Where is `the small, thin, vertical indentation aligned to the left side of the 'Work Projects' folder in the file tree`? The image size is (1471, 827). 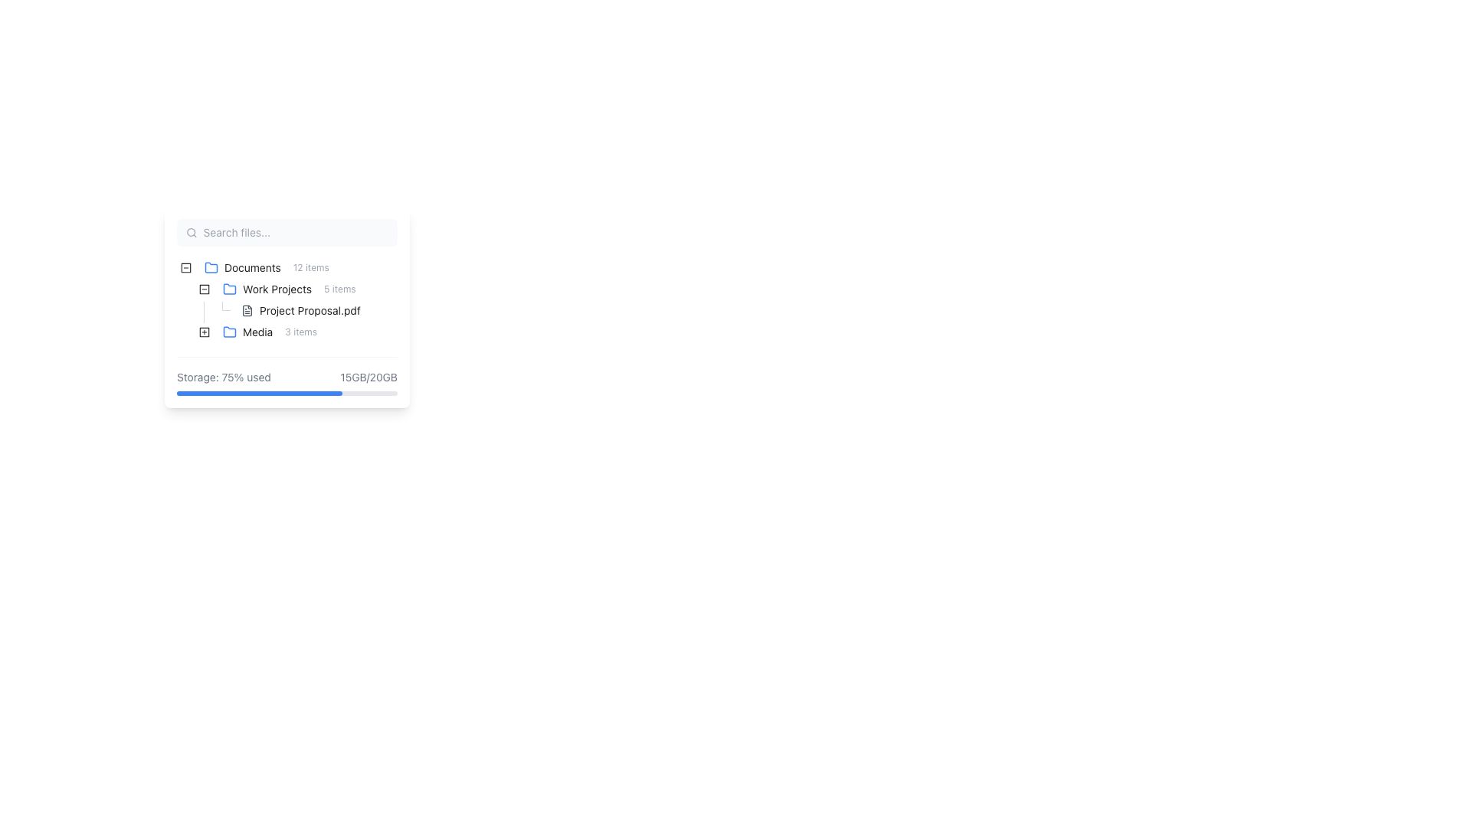 the small, thin, vertical indentation aligned to the left side of the 'Work Projects' folder in the file tree is located at coordinates (185, 289).